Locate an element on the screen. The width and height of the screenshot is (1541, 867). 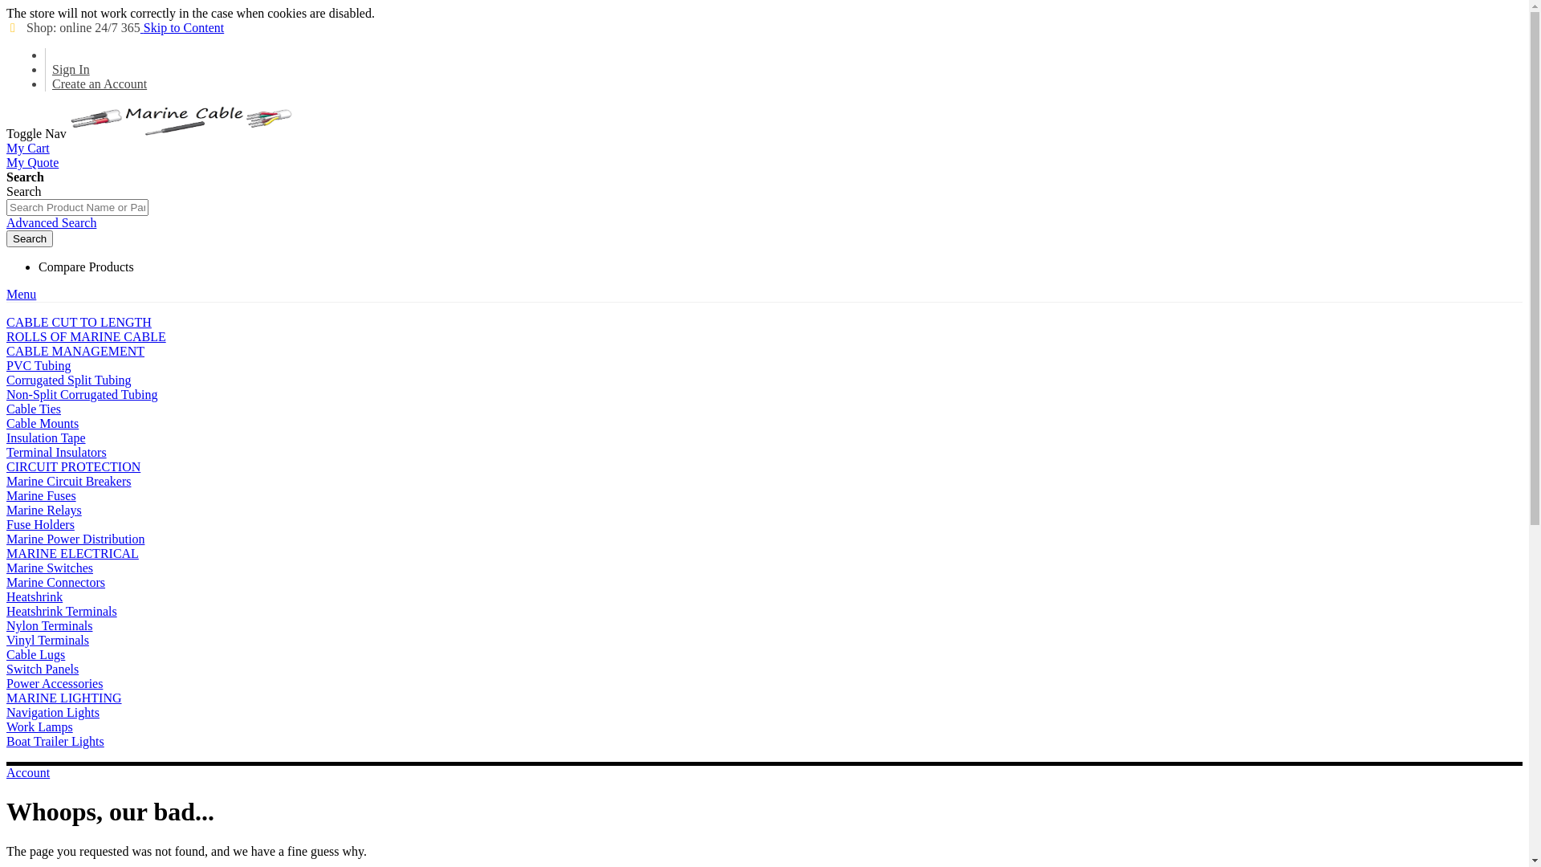
'Boat Trailer Lights' is located at coordinates (55, 741).